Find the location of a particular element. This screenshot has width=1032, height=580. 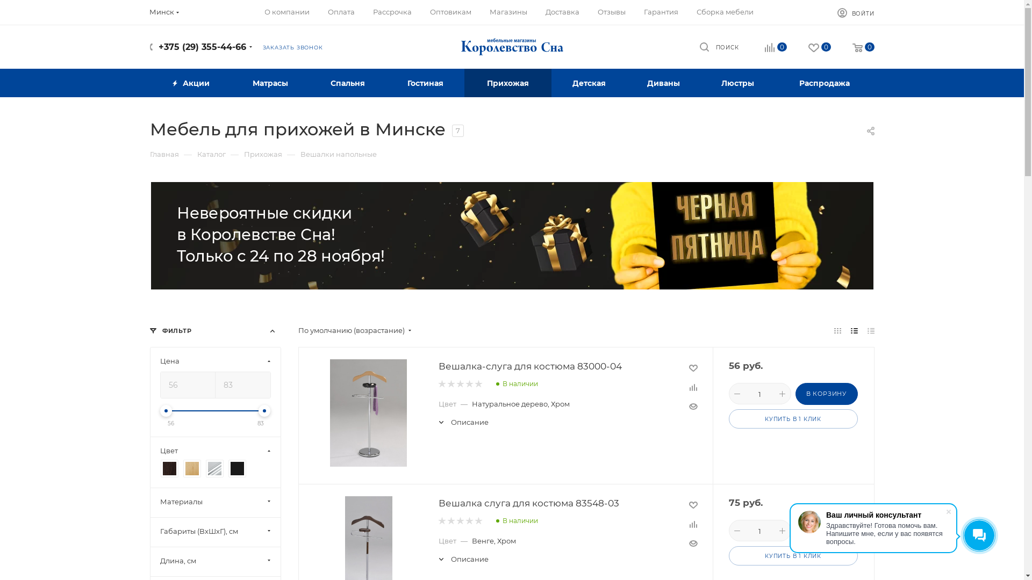

'+375 (29) 355-44-66' is located at coordinates (202, 46).